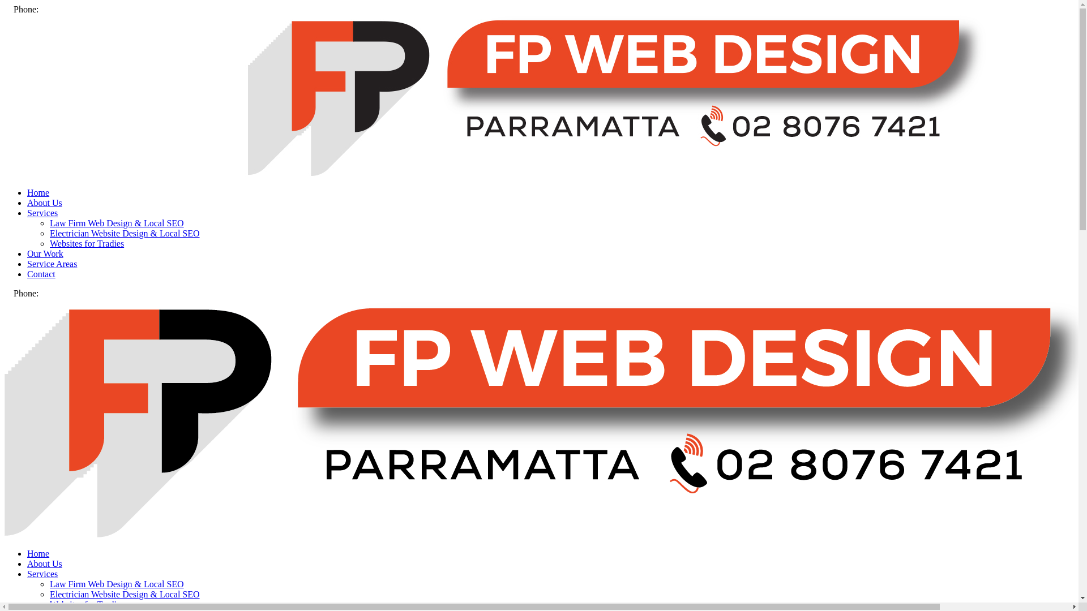 Image resolution: width=1087 pixels, height=611 pixels. I want to click on 'Services', so click(27, 213).